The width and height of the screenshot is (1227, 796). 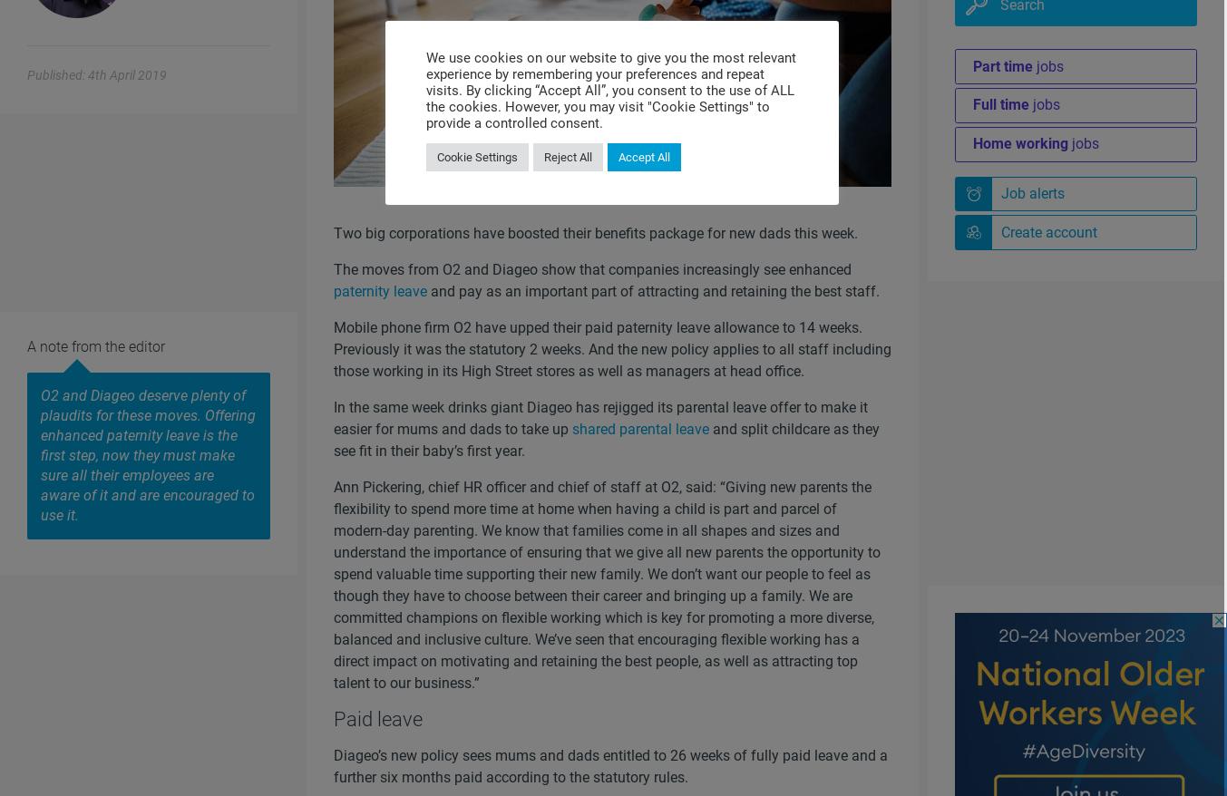 I want to click on 'paternity leave', so click(x=379, y=291).